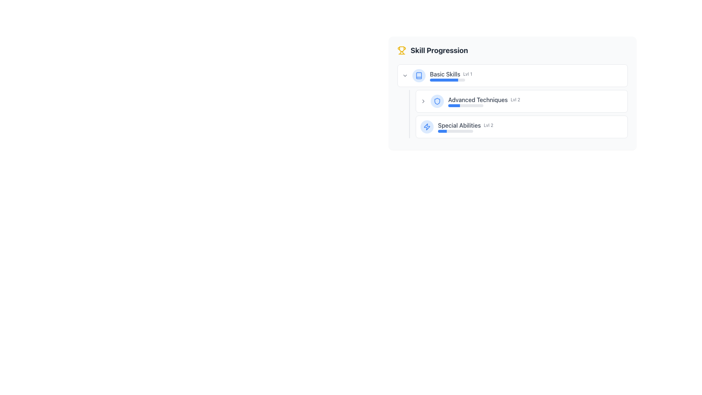 This screenshot has height=395, width=702. What do you see at coordinates (401, 50) in the screenshot?
I see `the achievement icon located to the left of the 'Skill Progression' section title` at bounding box center [401, 50].